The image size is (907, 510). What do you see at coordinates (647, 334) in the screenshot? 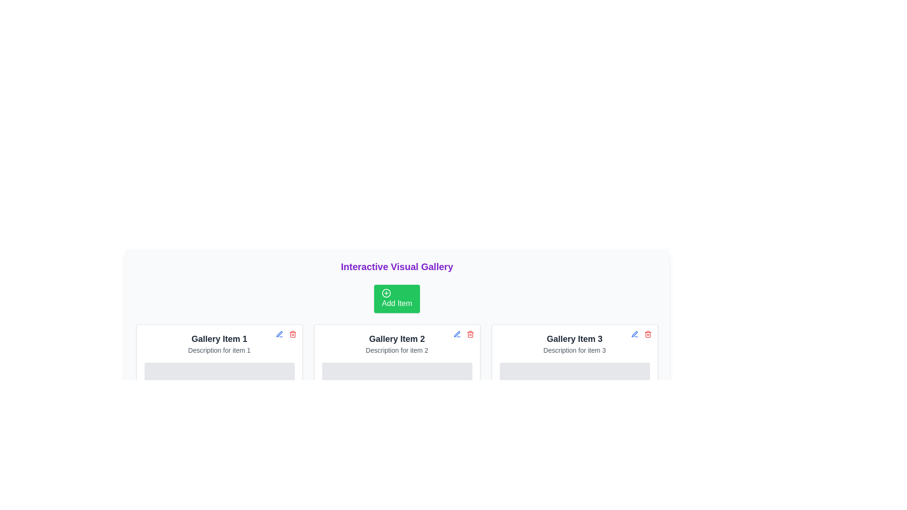
I see `the minimalist red trash can icon located in the top-right corner of the card labeled 'Gallery Item 3'` at bounding box center [647, 334].